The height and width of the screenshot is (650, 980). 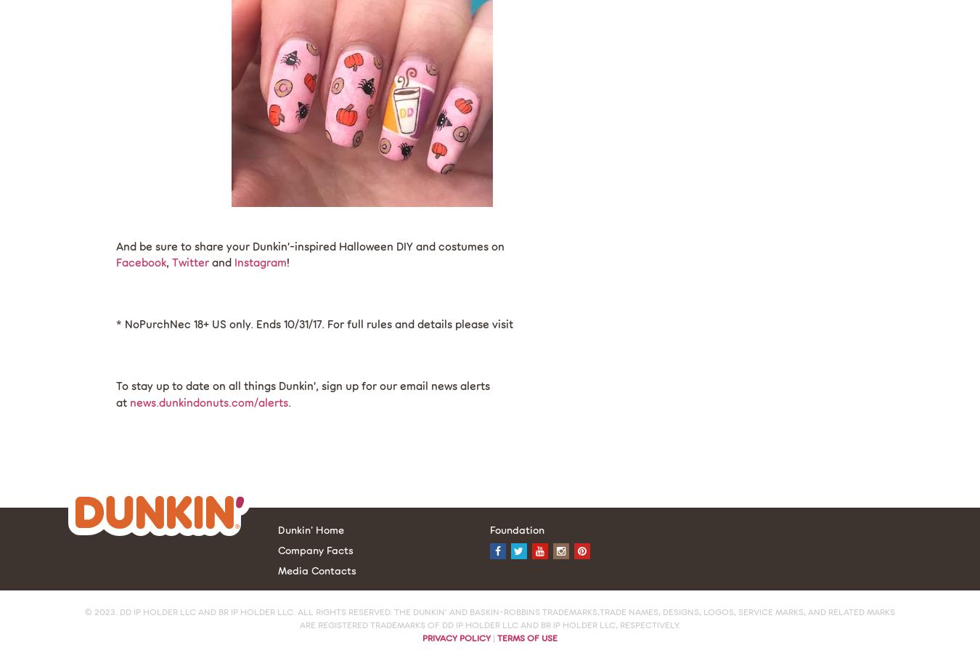 I want to click on 'Media Contacts', so click(x=317, y=569).